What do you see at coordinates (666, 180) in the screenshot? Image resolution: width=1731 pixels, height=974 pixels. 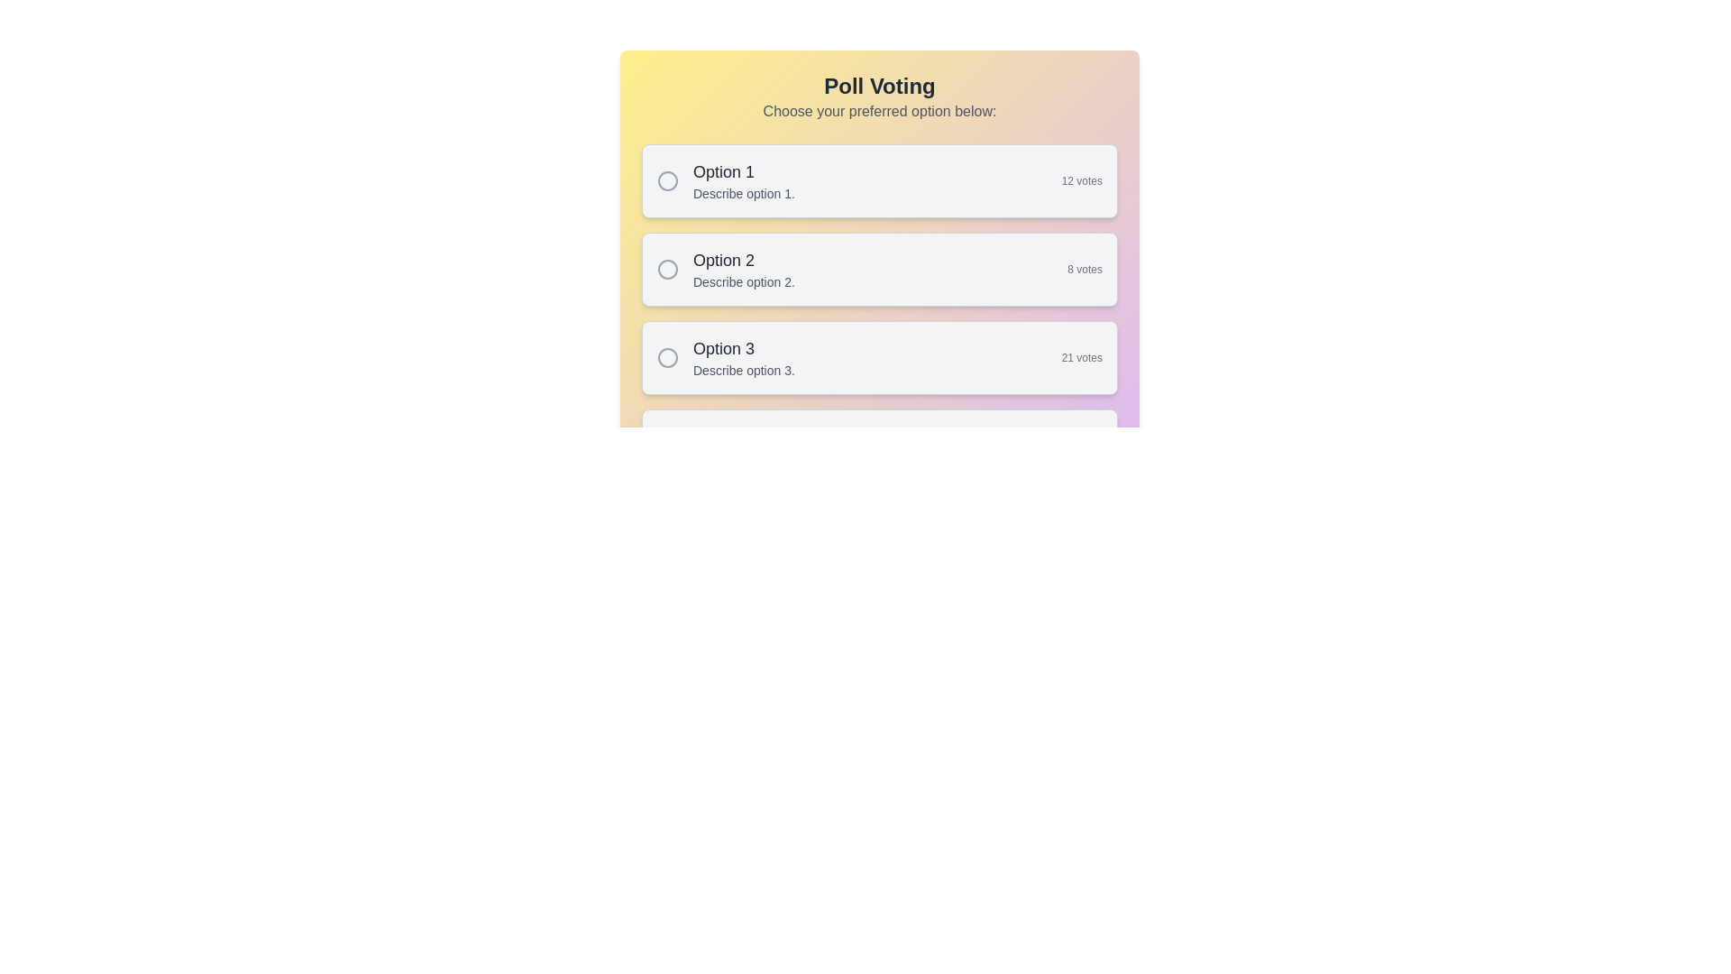 I see `the SVG Circle Graphic that serves as a visual indicator for the selected state in a multiple-choice question, located to the left of the text 'Option 1' within the voting option card` at bounding box center [666, 180].